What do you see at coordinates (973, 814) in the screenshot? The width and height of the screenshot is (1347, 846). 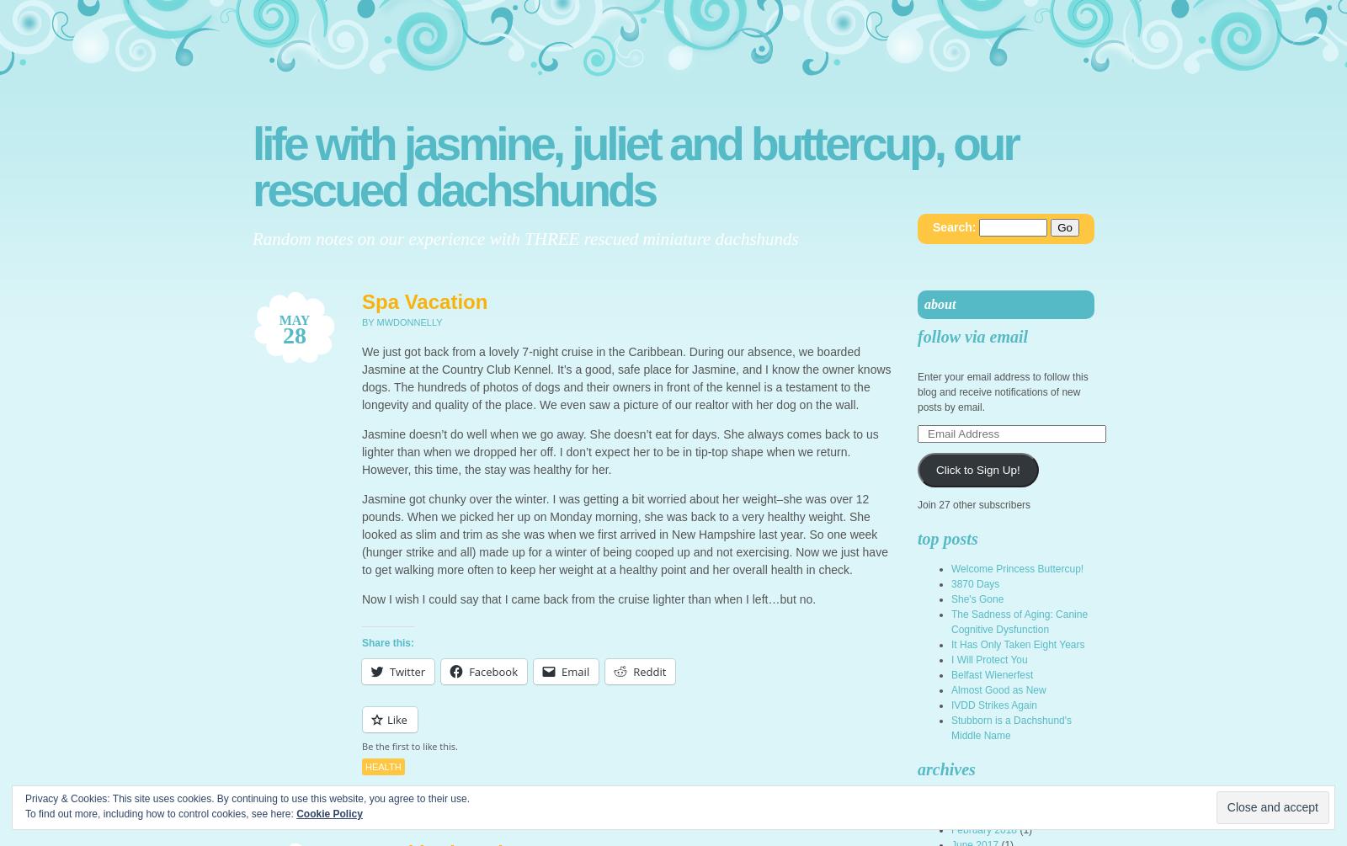 I see `'April 2018'` at bounding box center [973, 814].